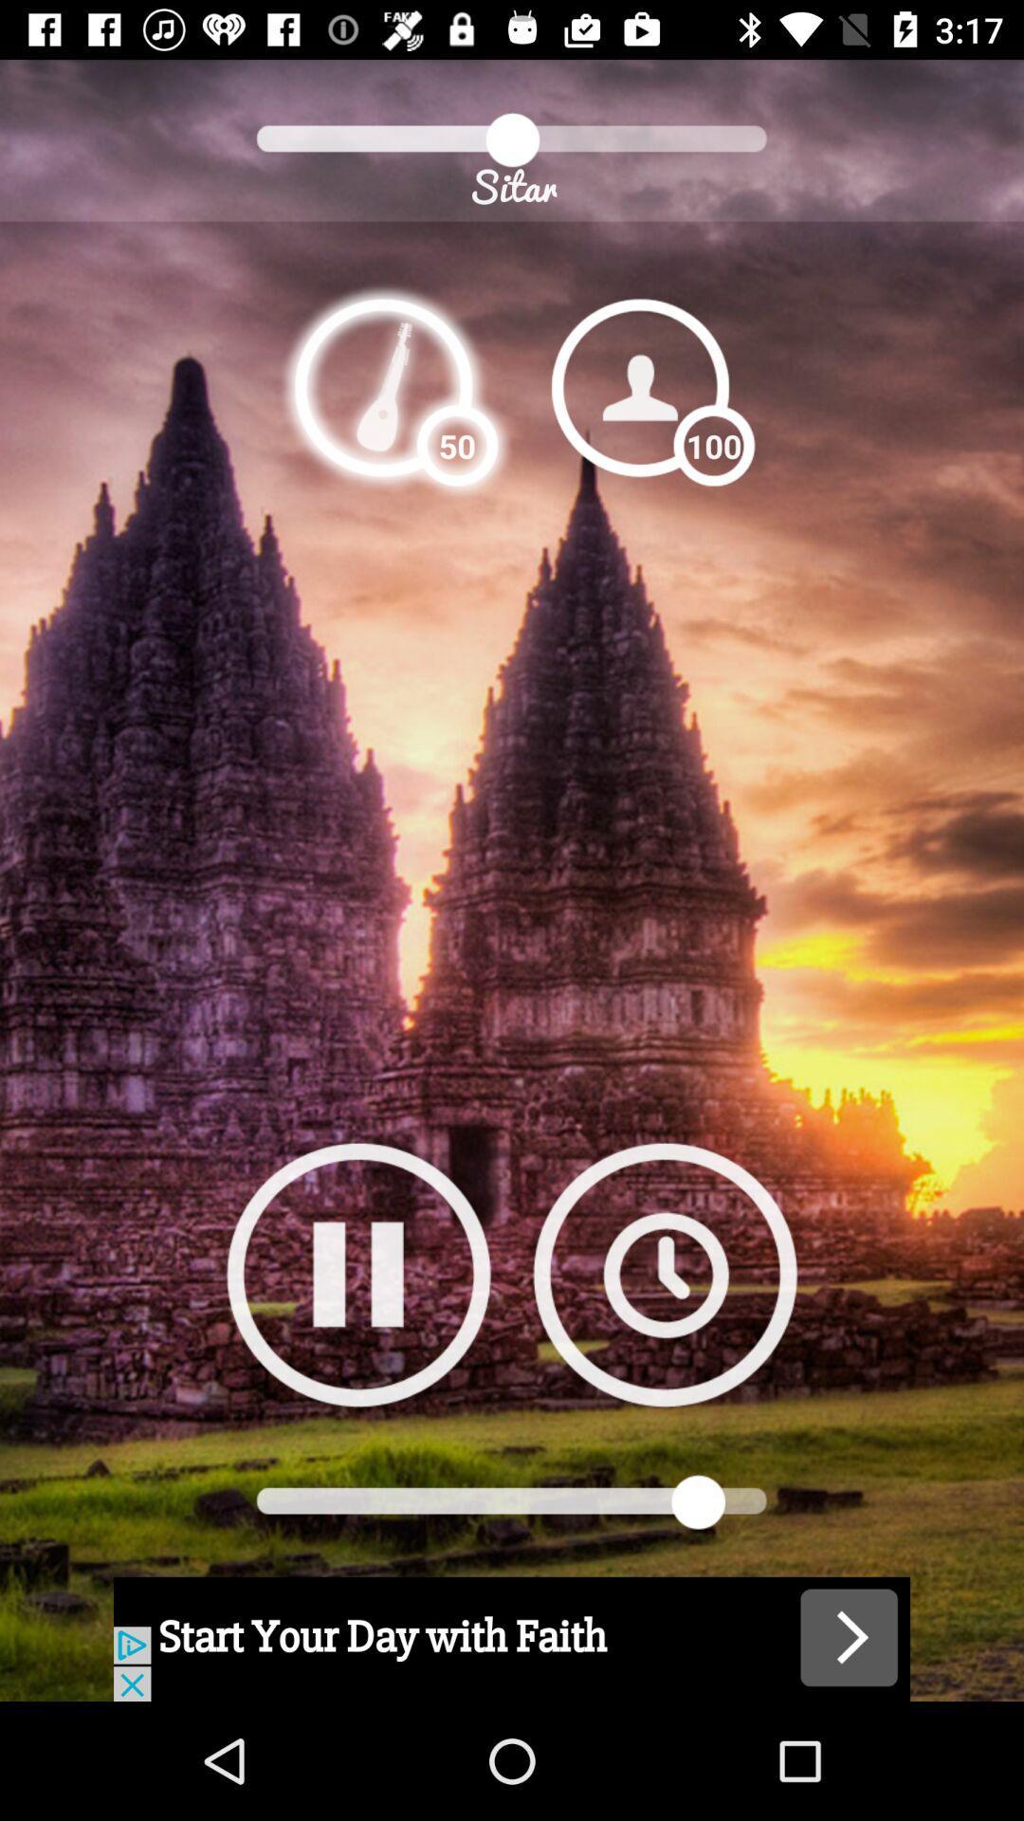  Describe the element at coordinates (358, 1274) in the screenshot. I see `pause option` at that location.